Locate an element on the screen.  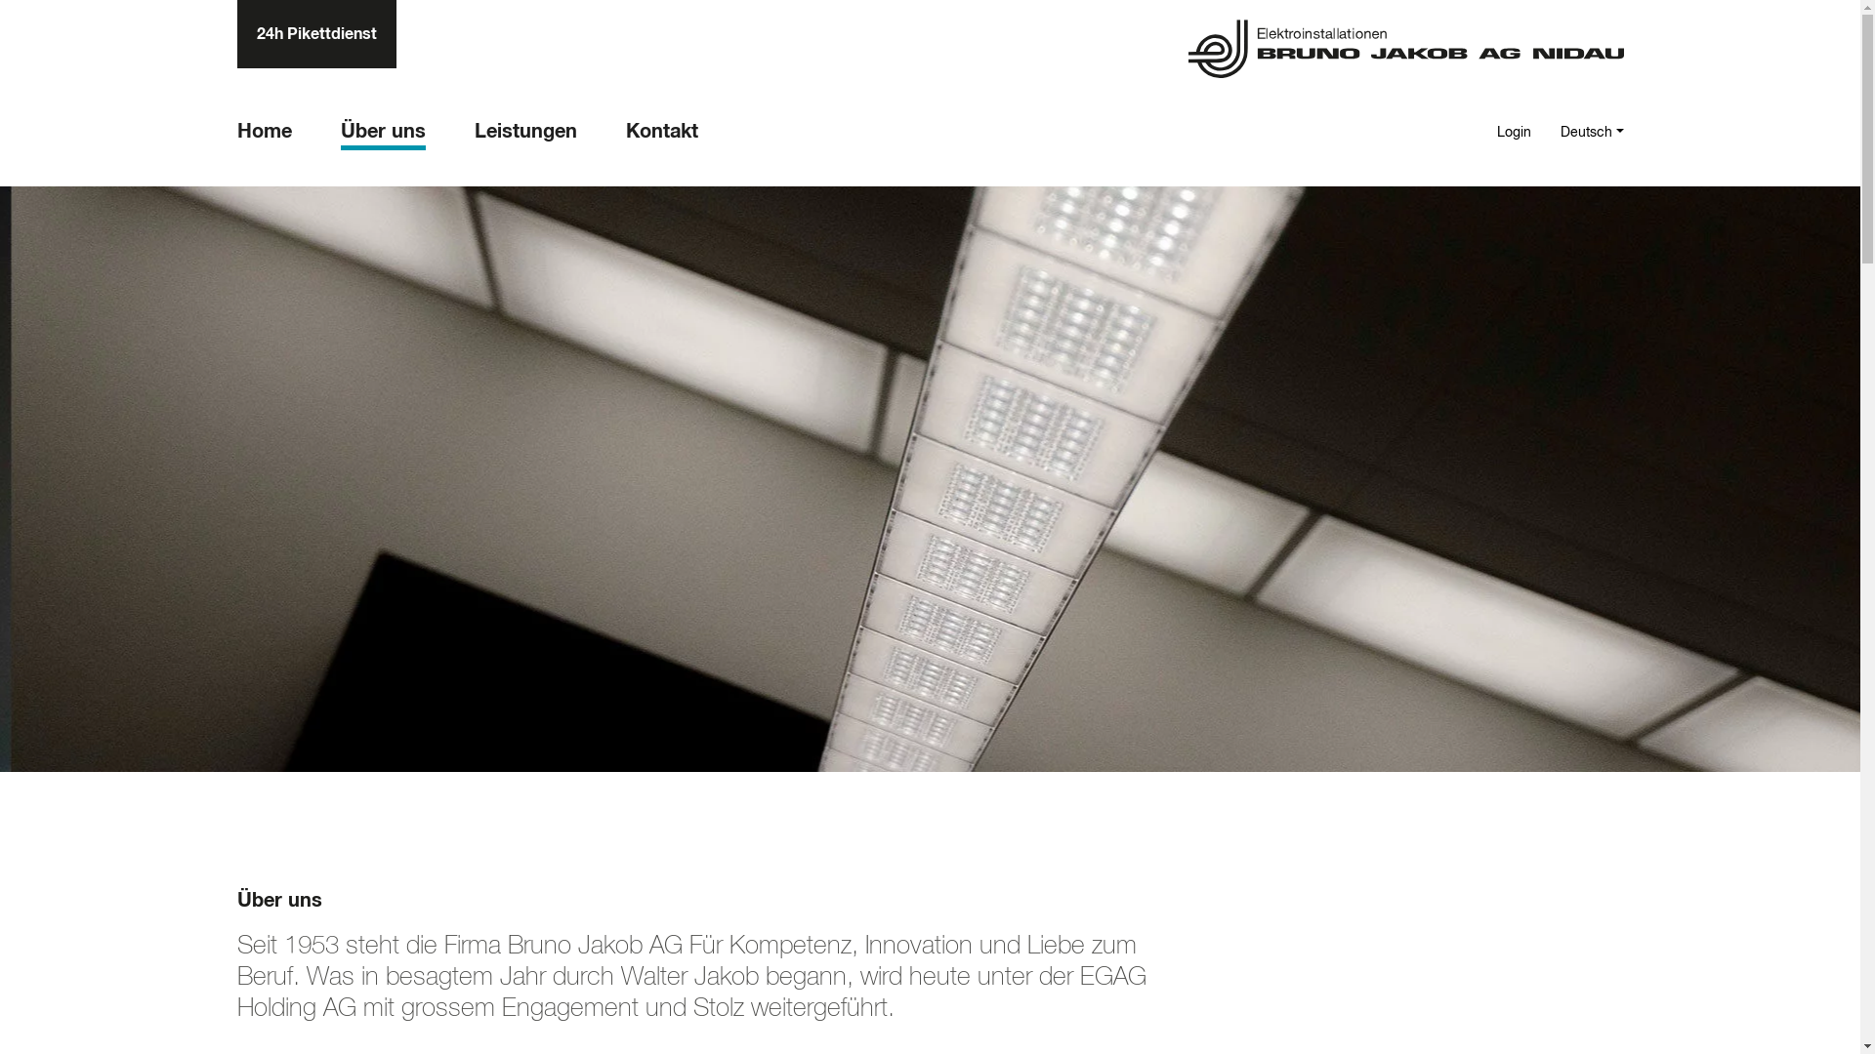
'Kontakt' is located at coordinates (660, 134).